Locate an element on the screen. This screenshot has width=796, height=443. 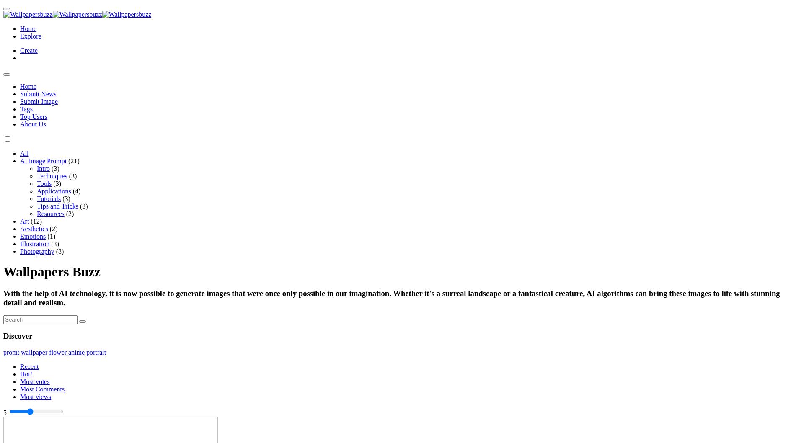
'Techniques' is located at coordinates (36, 176).